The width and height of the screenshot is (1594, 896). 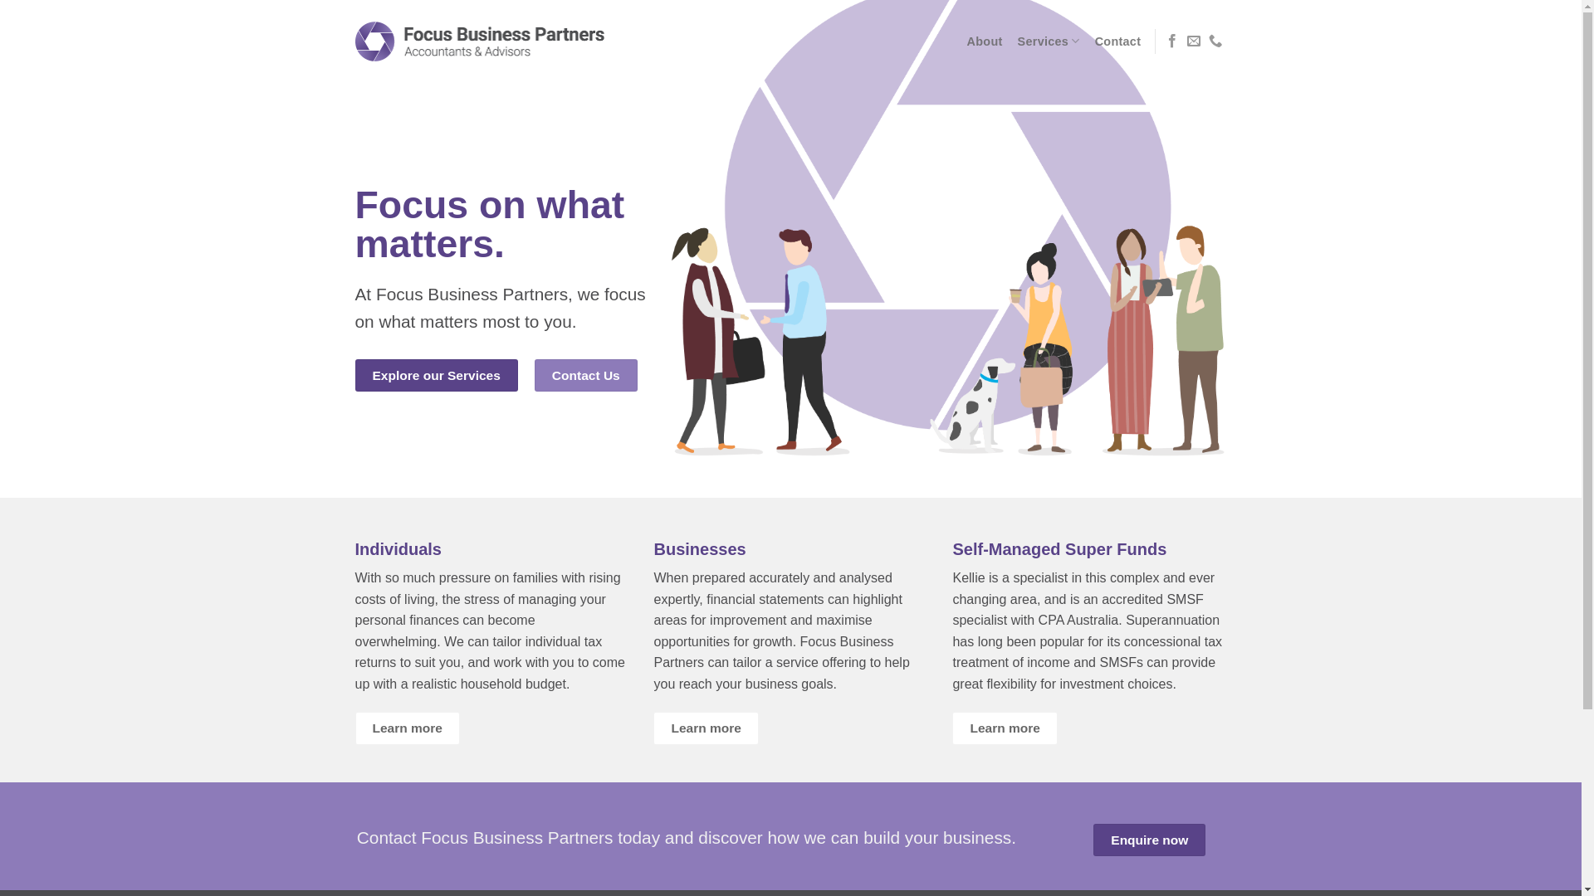 What do you see at coordinates (0, 0) in the screenshot?
I see `'Skip to content'` at bounding box center [0, 0].